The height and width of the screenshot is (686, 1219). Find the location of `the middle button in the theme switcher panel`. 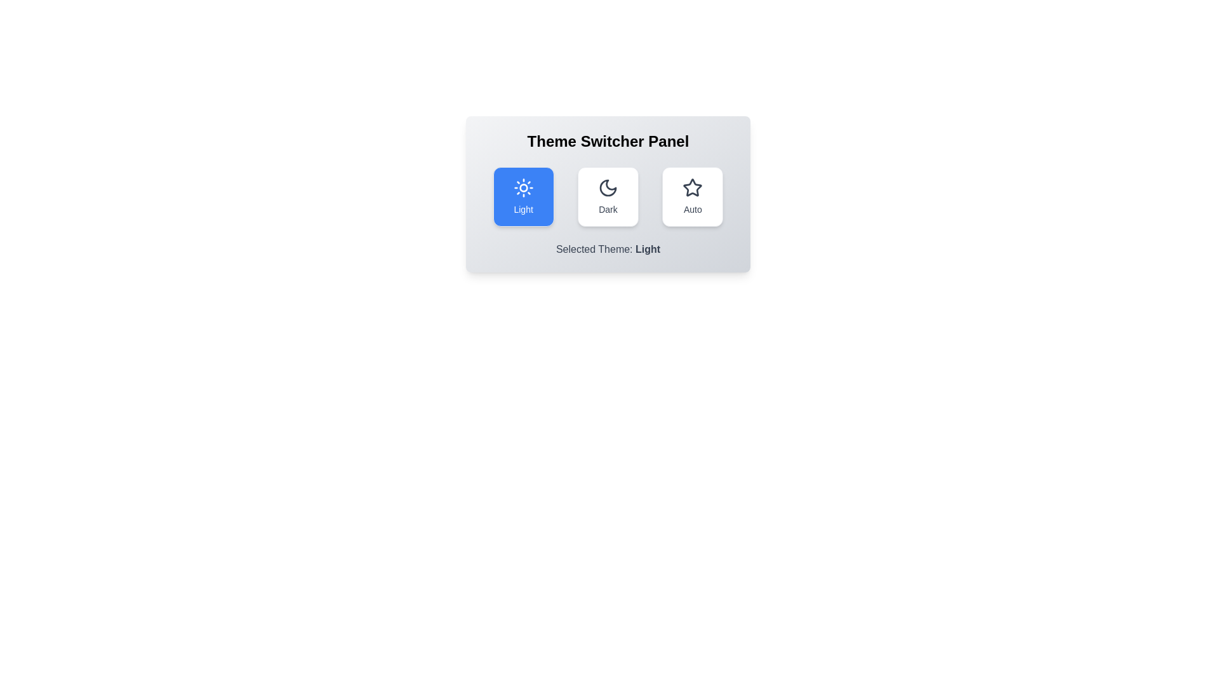

the middle button in the theme switcher panel is located at coordinates (608, 196).